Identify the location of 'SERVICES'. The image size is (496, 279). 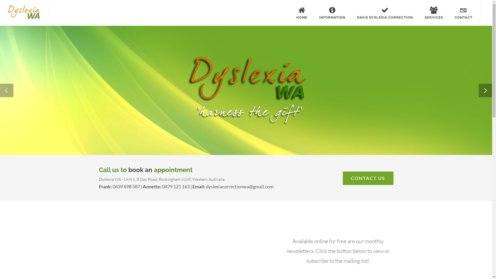
(434, 13).